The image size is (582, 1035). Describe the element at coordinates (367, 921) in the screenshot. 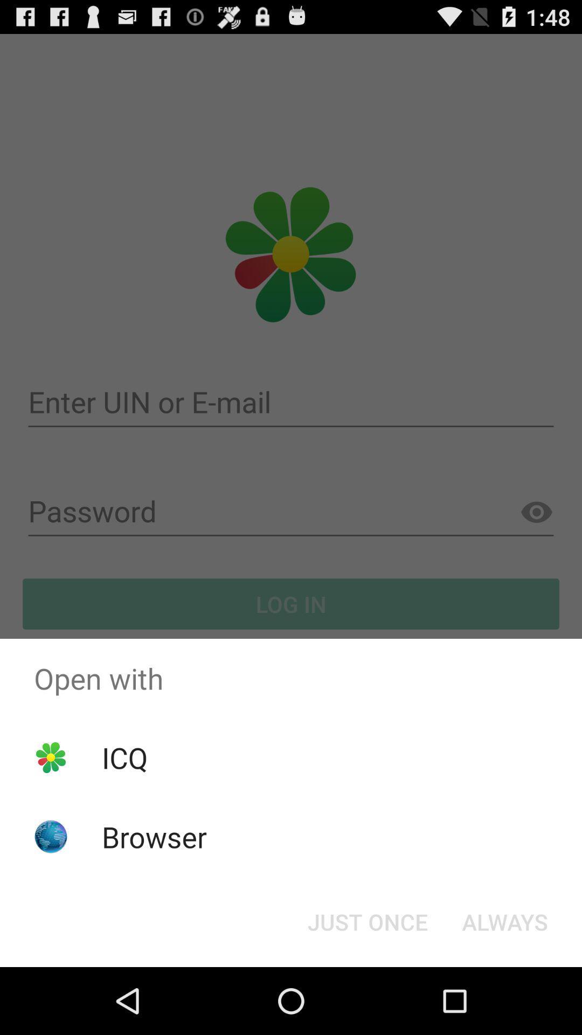

I see `the just once icon` at that location.